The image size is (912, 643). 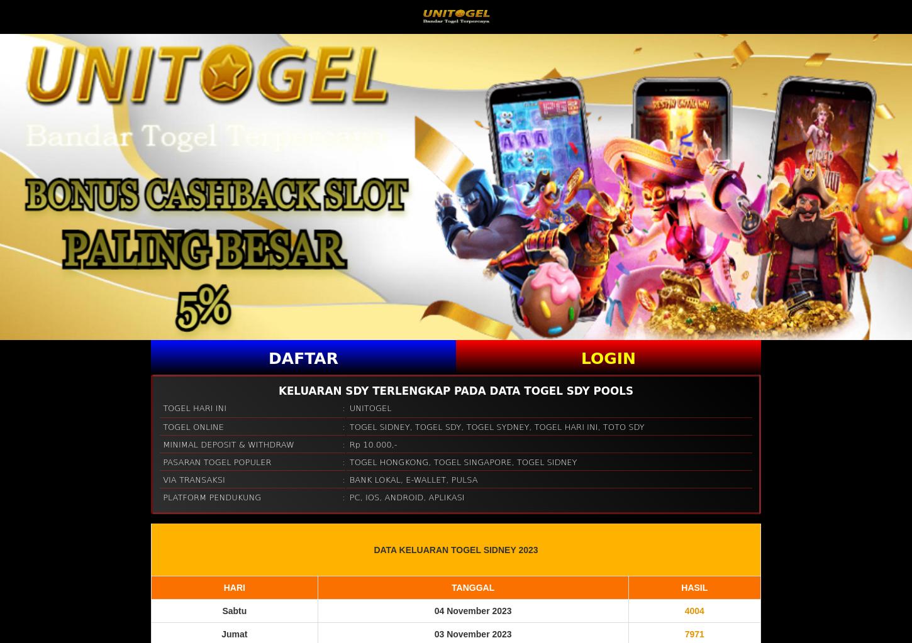 What do you see at coordinates (349, 461) in the screenshot?
I see `'TOGEL HONGKONG, TOGEL SINGAPORE, TOGEL SIDNEY'` at bounding box center [349, 461].